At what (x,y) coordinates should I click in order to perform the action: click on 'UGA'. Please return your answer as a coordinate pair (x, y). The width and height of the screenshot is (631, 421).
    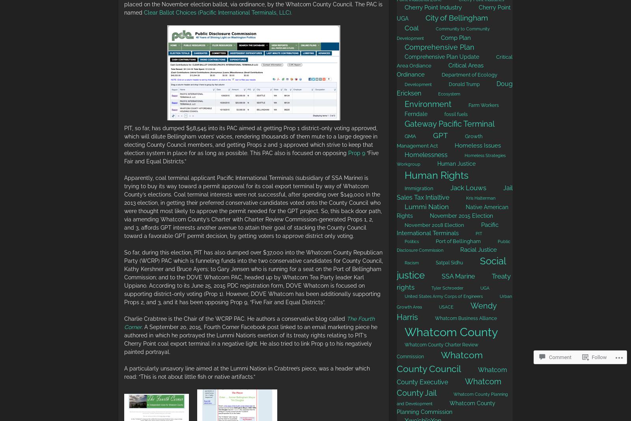
    Looking at the image, I should click on (480, 287).